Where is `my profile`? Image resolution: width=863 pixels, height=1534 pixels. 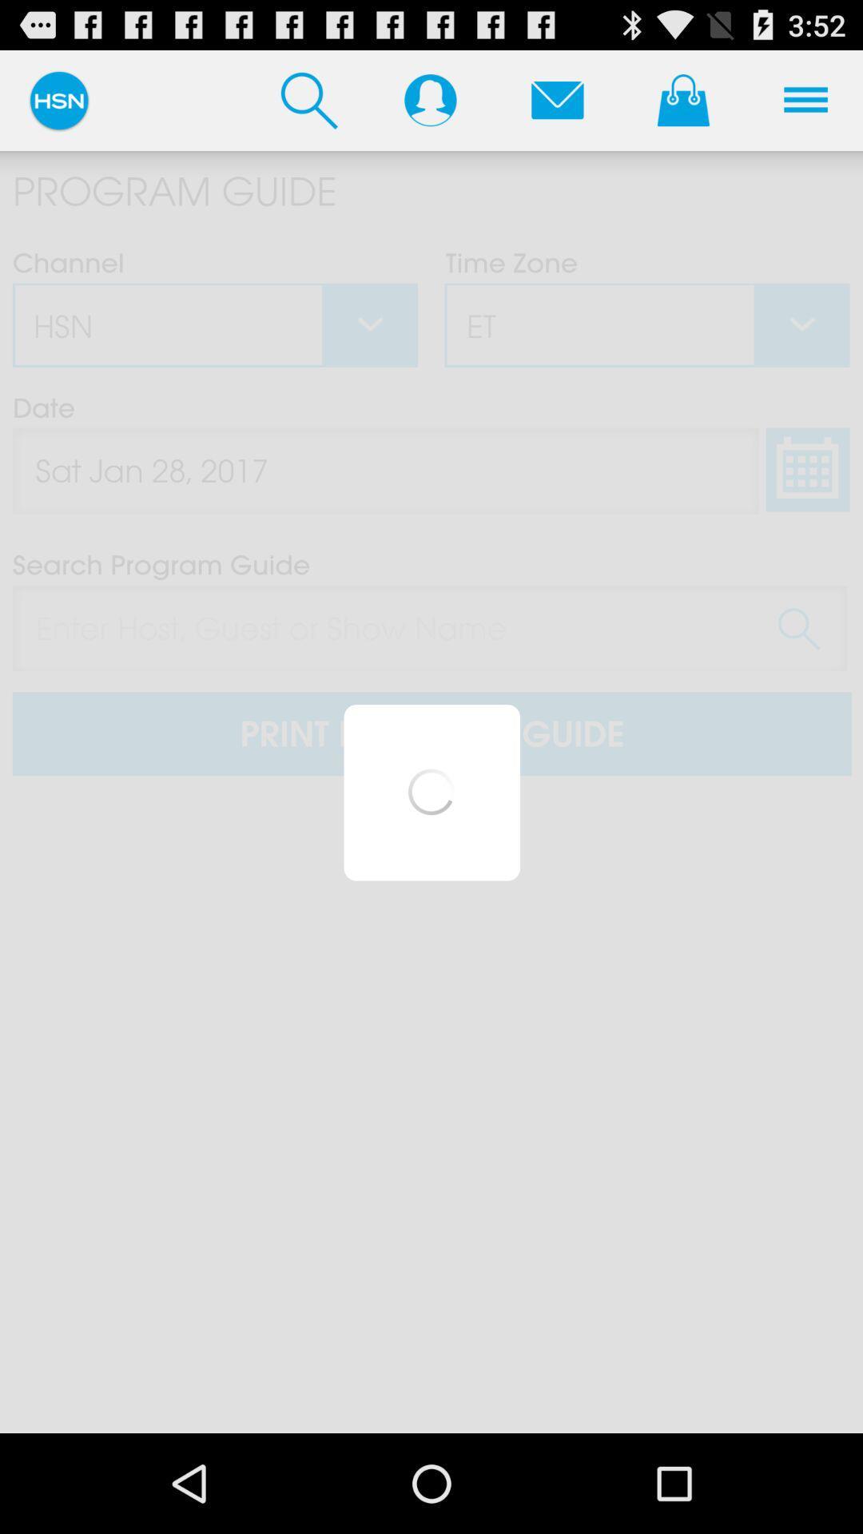 my profile is located at coordinates (429, 99).